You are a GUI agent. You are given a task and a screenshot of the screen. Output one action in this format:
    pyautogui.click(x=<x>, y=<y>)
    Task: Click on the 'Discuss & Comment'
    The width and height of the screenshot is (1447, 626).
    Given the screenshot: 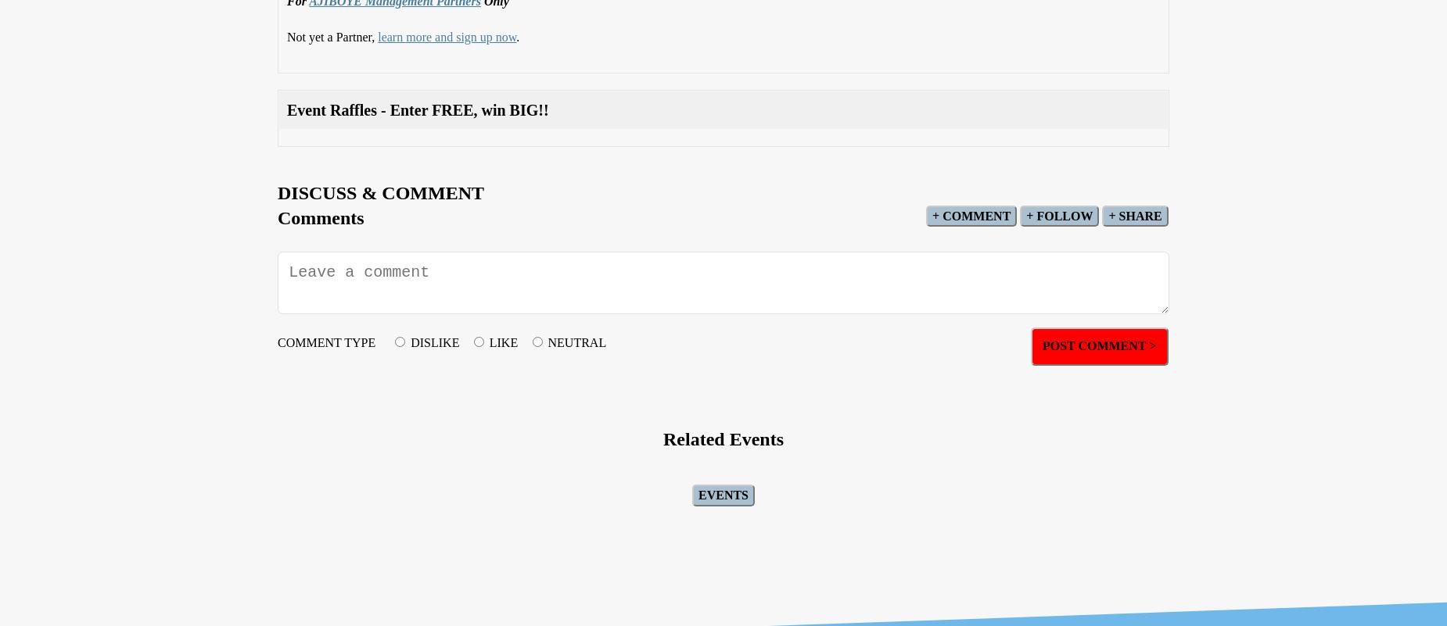 What is the action you would take?
    pyautogui.click(x=380, y=191)
    